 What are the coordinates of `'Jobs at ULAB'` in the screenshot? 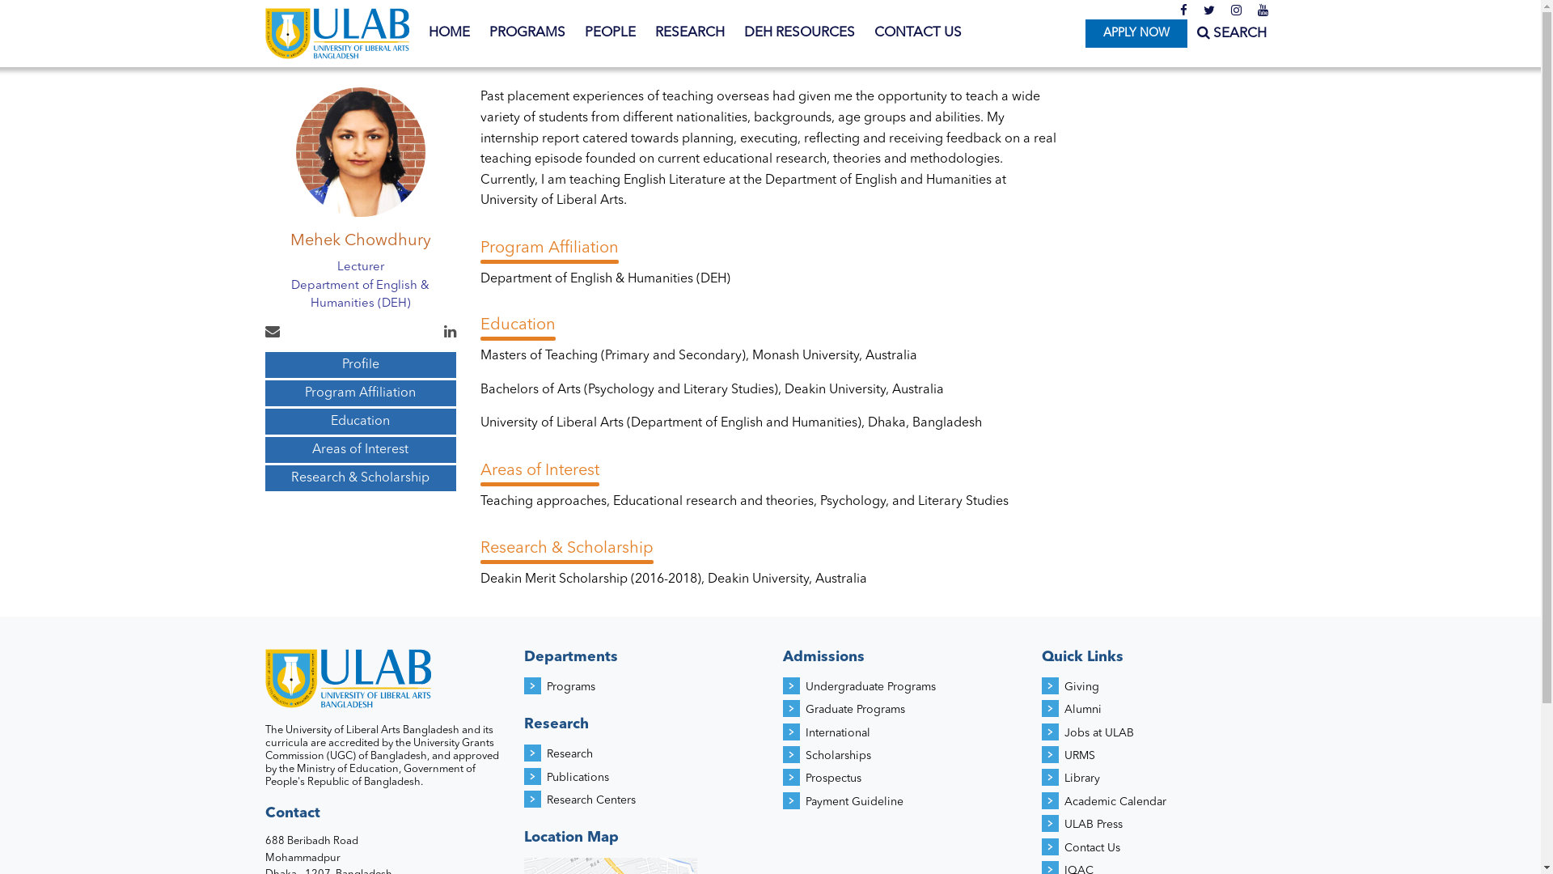 It's located at (1098, 733).